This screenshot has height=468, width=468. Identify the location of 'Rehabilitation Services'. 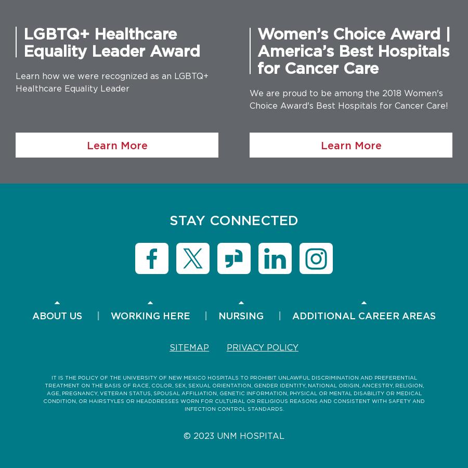
(363, 255).